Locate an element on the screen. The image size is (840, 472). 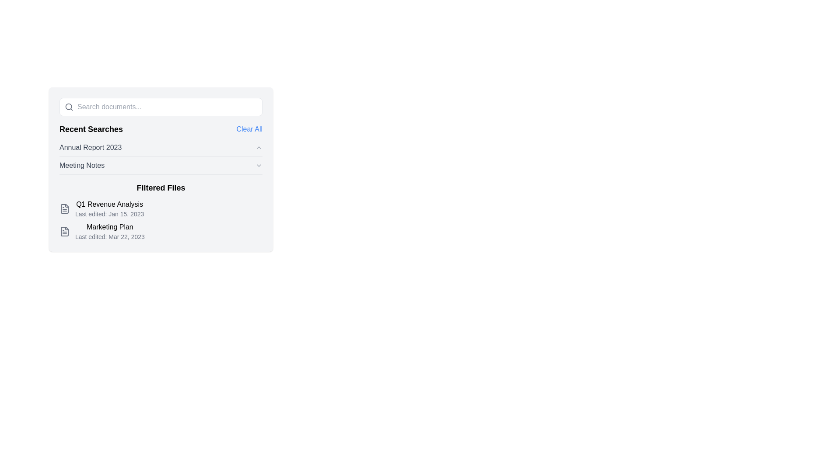
text label displaying 'Filtered Files', which is bold and located beneath the 'Meeting Notes' section, centered horizontally in the interface is located at coordinates (161, 187).